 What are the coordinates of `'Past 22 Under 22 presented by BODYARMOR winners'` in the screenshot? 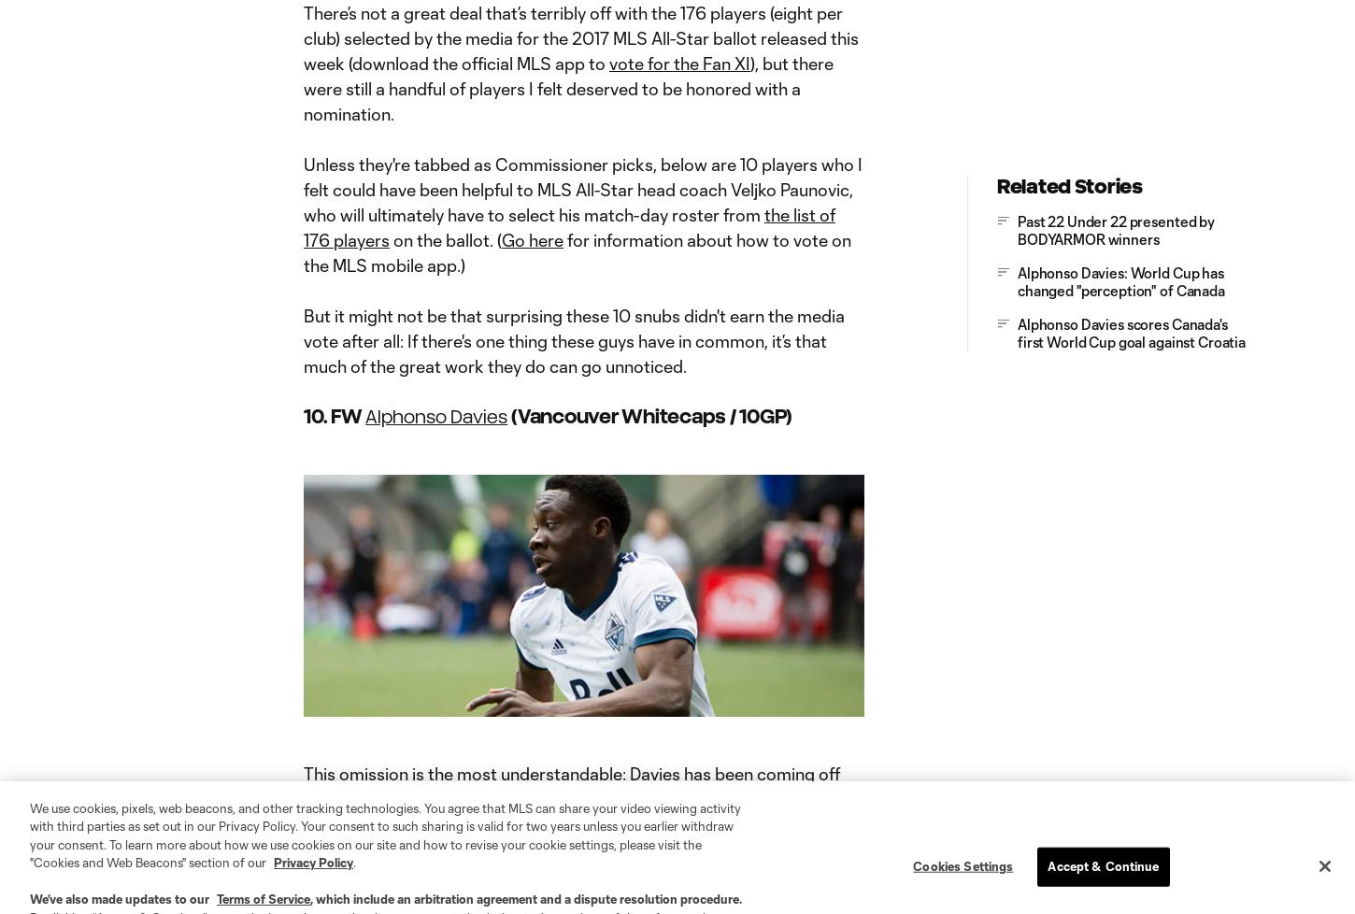 It's located at (1114, 228).